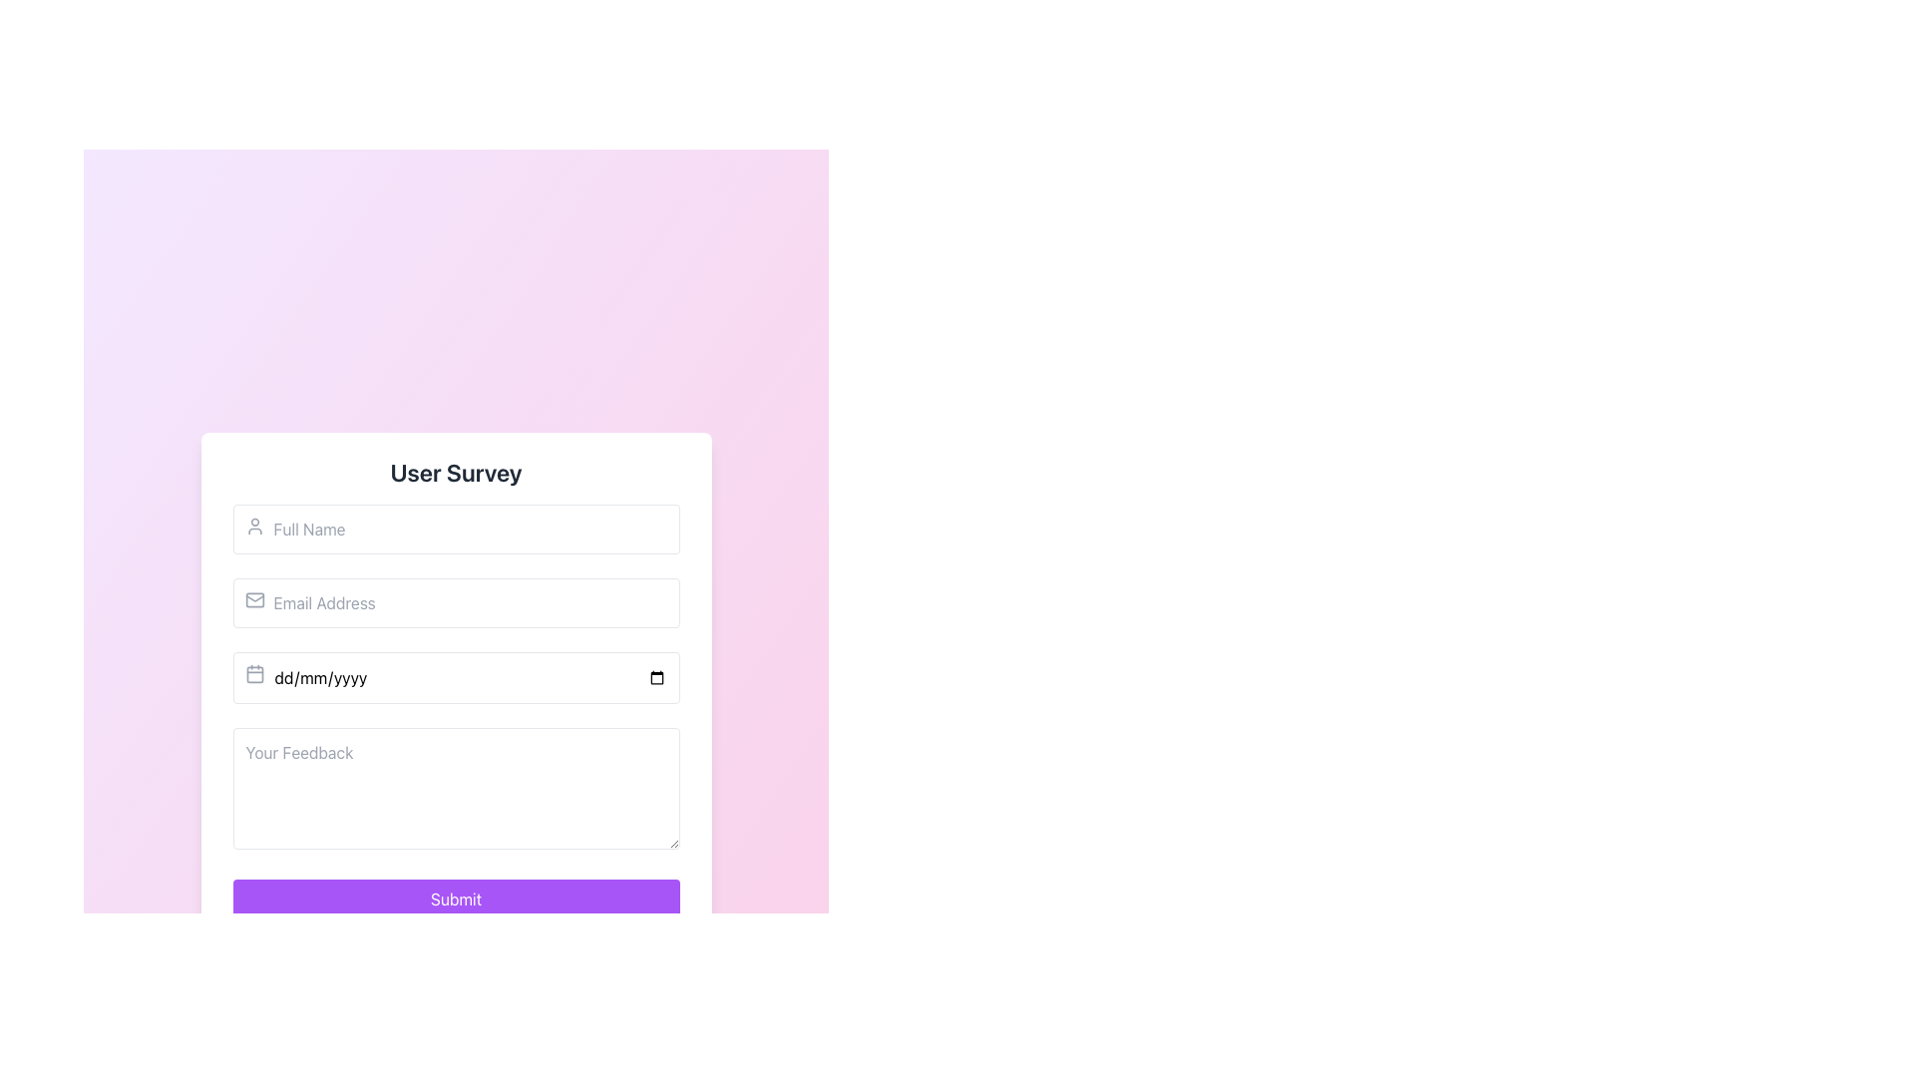 This screenshot has width=1915, height=1077. I want to click on the icon indicating the 'Full Name' input field, which suggests the field is for entering user-related information, so click(253, 526).